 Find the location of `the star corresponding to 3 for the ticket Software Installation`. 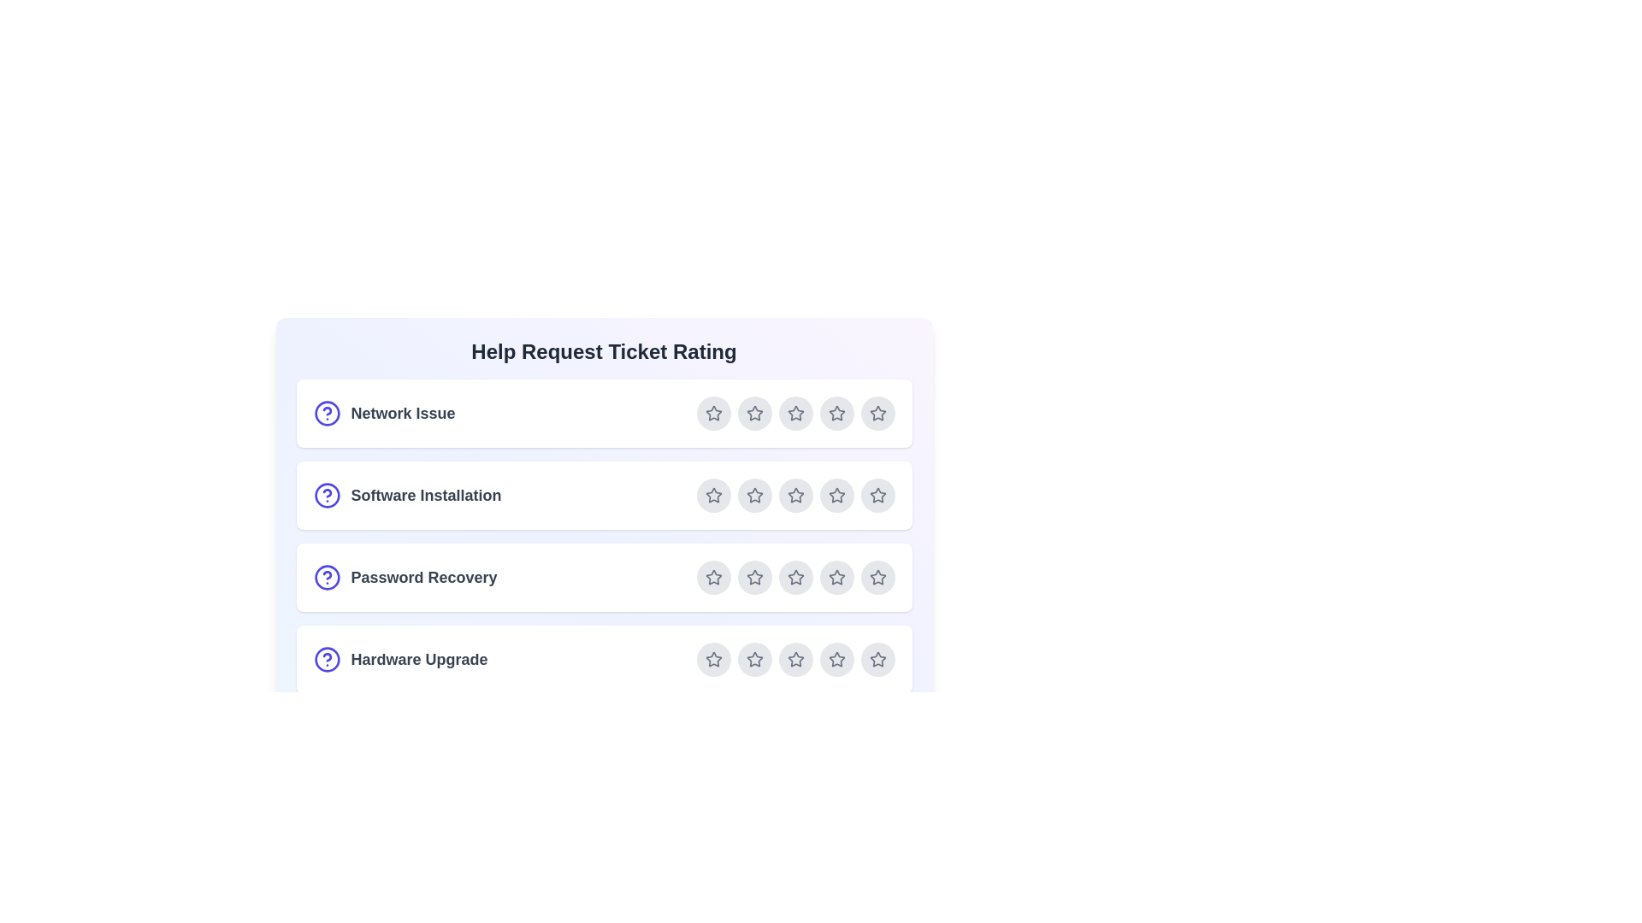

the star corresponding to 3 for the ticket Software Installation is located at coordinates (794, 495).